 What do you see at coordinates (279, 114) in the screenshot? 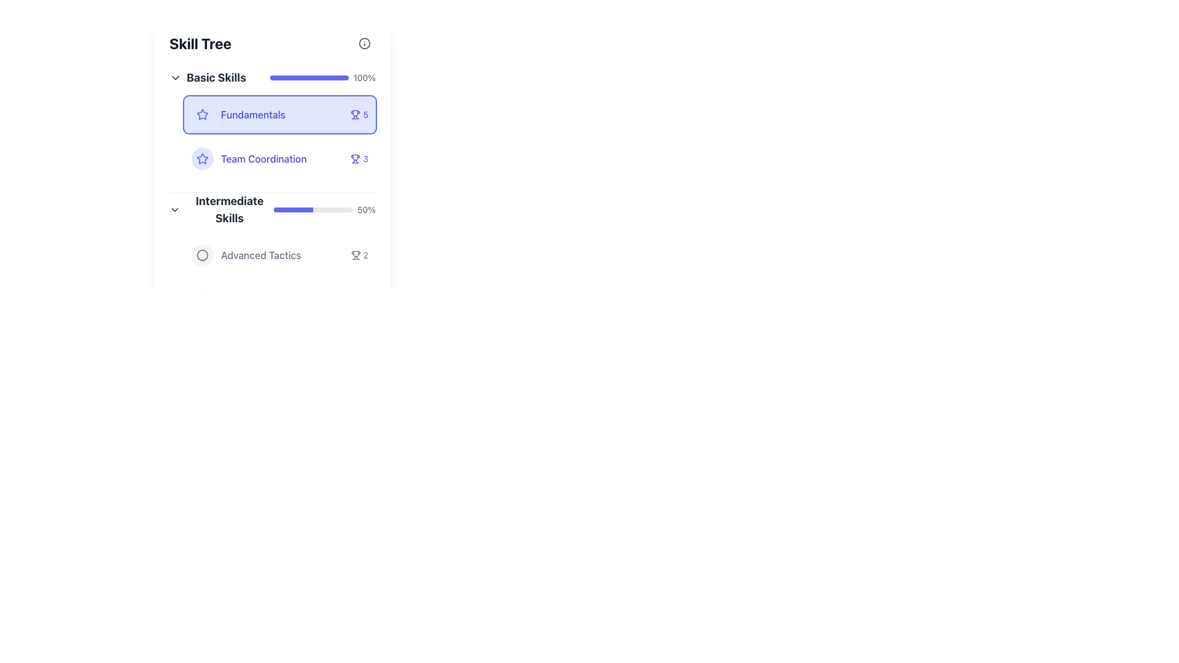
I see `the button-like interface element featuring a star icon and the text 'Fundamentals'` at bounding box center [279, 114].